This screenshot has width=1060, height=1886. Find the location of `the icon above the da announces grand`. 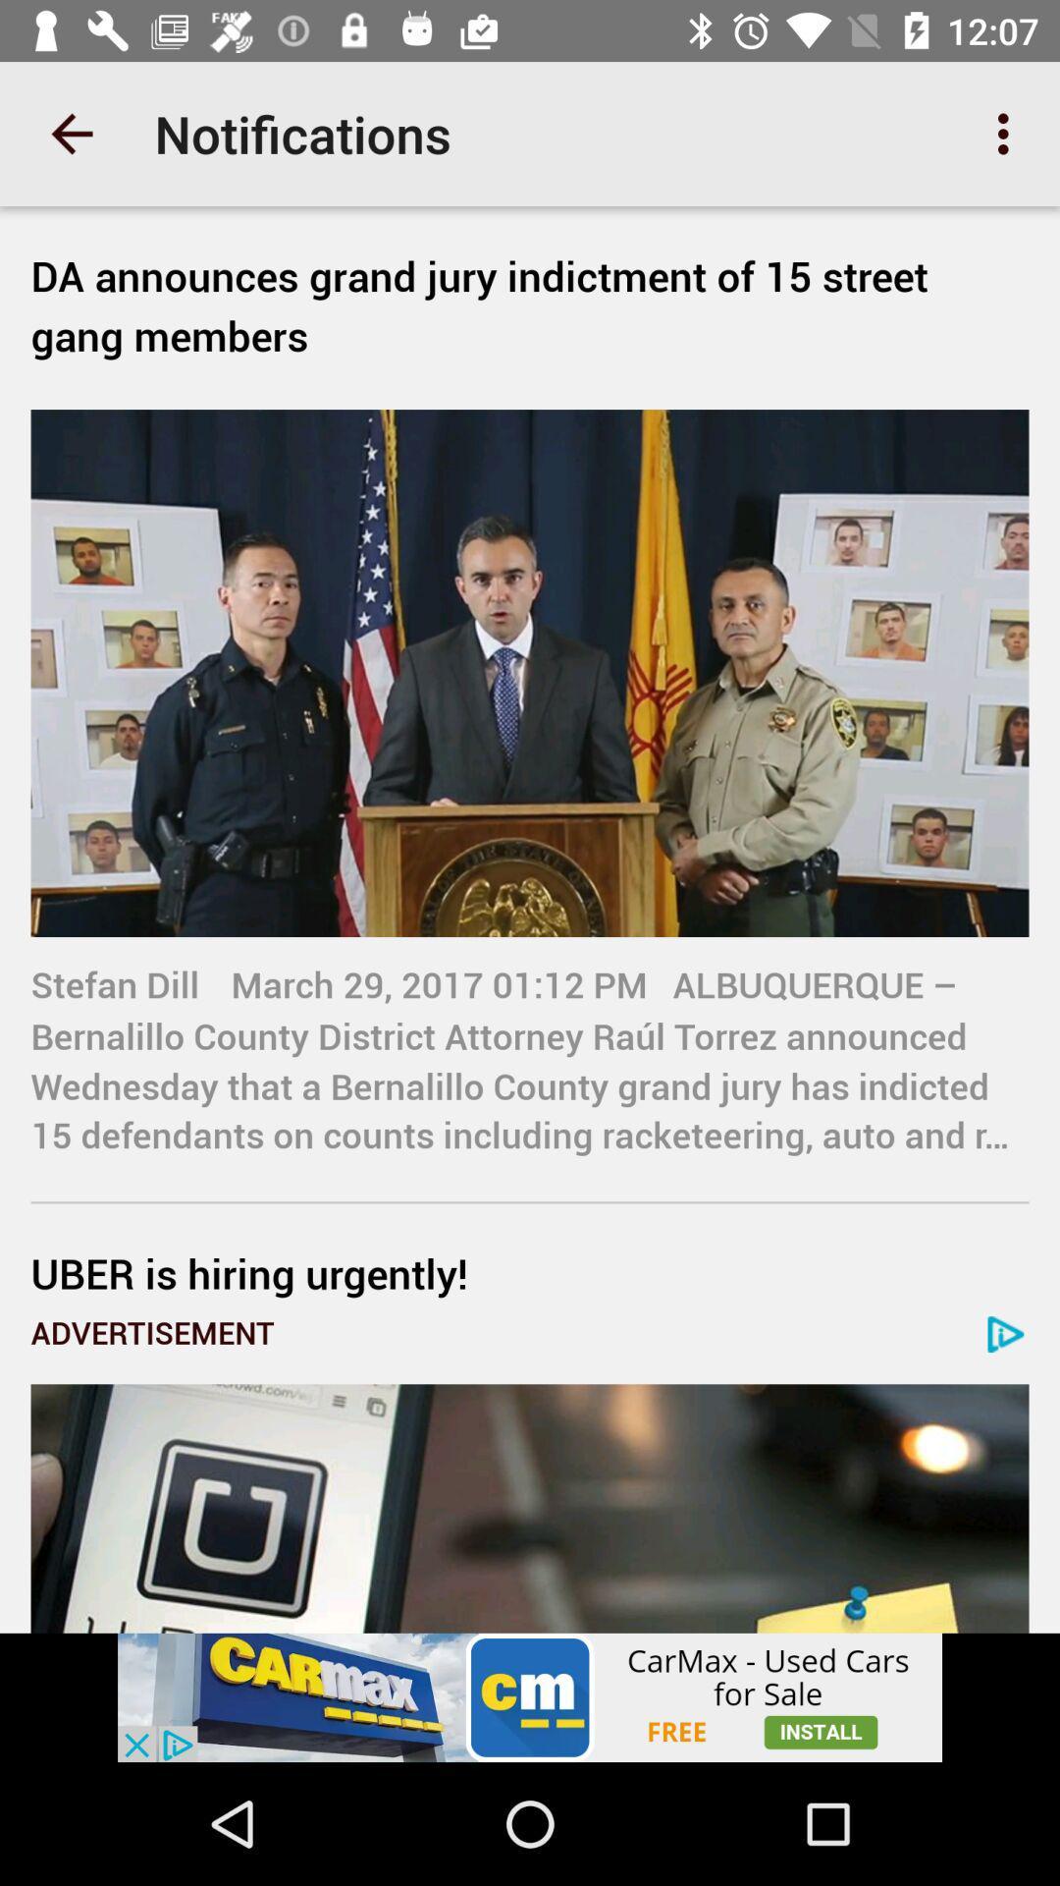

the icon above the da announces grand is located at coordinates (71, 133).